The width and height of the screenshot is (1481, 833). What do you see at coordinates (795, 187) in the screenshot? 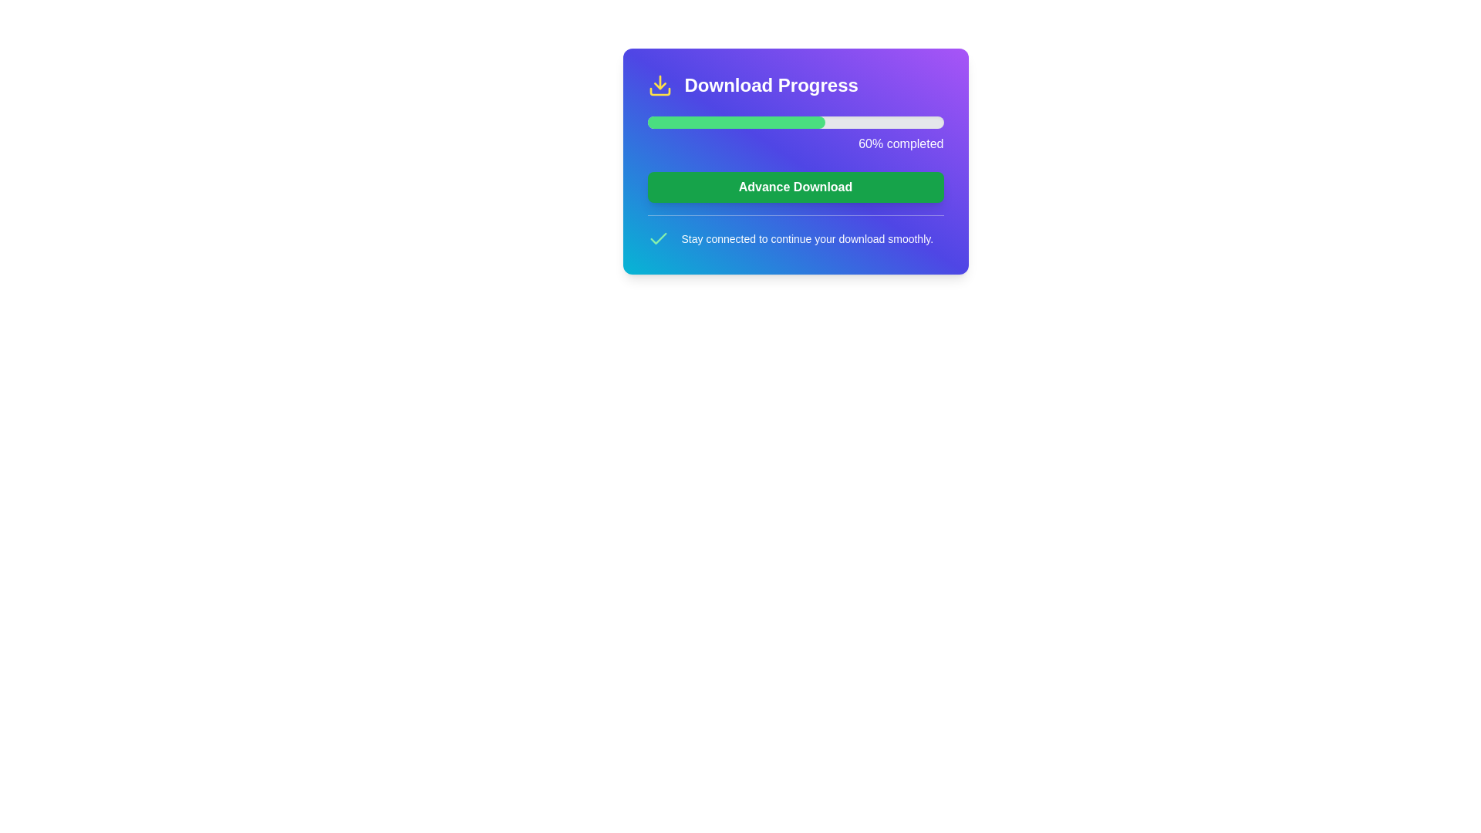
I see `the green button labeled 'Advance Download' to initiate the download` at bounding box center [795, 187].